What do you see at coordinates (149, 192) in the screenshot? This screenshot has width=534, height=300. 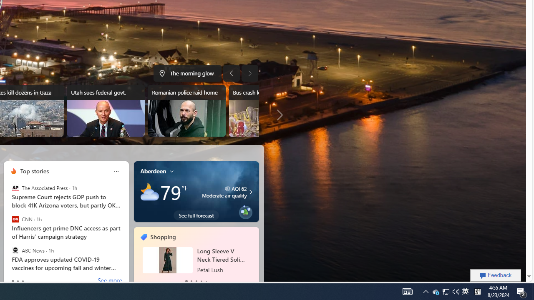 I see `'Mostly cloudy'` at bounding box center [149, 192].